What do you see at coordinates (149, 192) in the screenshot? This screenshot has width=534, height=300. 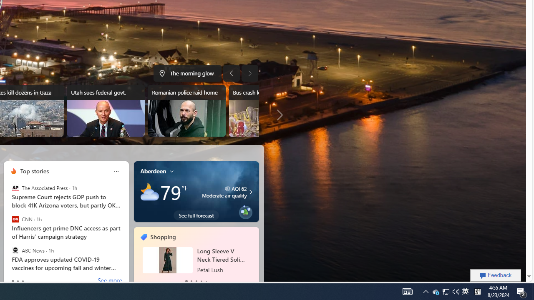 I see `'Mostly cloudy'` at bounding box center [149, 192].